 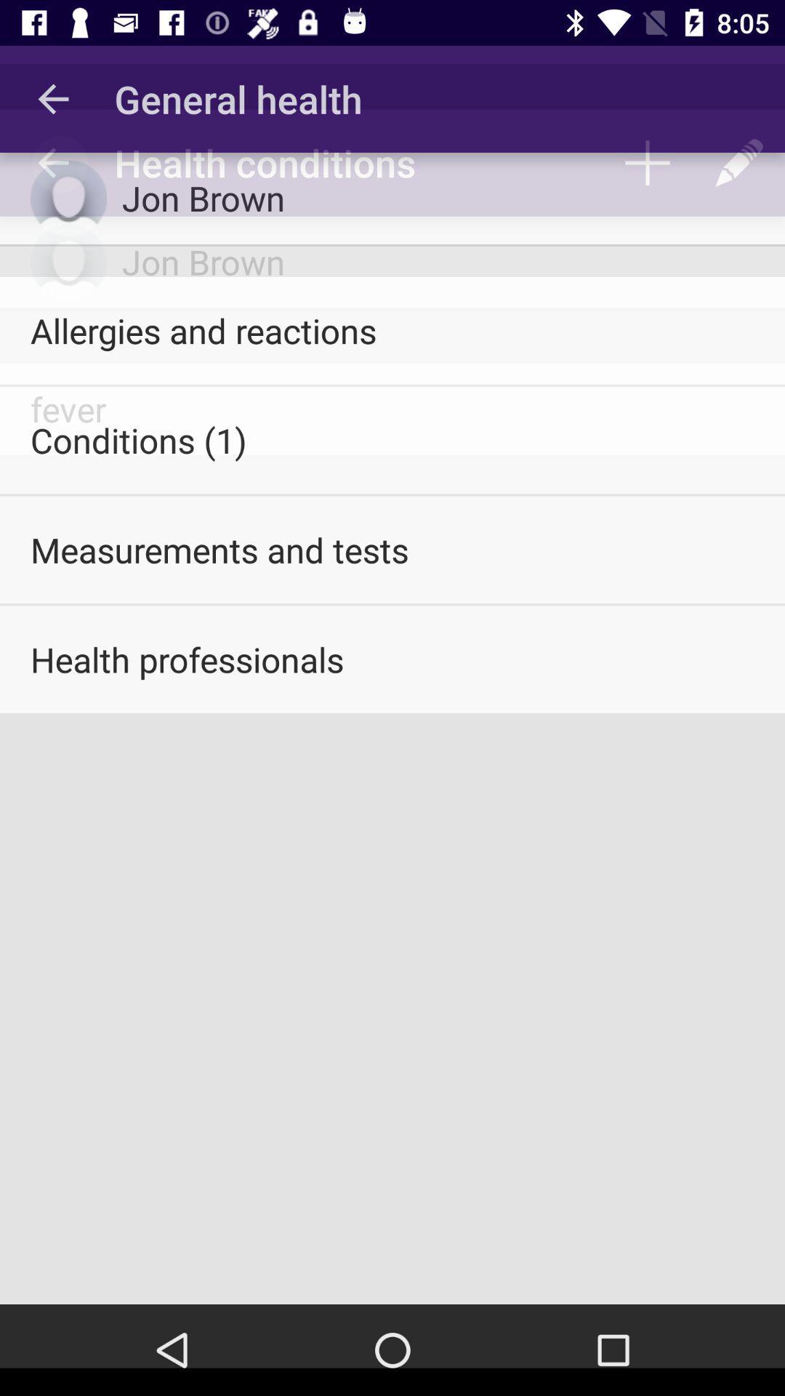 What do you see at coordinates (392, 549) in the screenshot?
I see `the measurements and tests` at bounding box center [392, 549].